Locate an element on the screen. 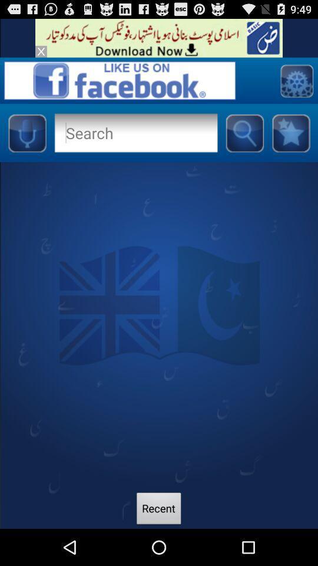 This screenshot has height=566, width=318. search for item/subject is located at coordinates (244, 133).